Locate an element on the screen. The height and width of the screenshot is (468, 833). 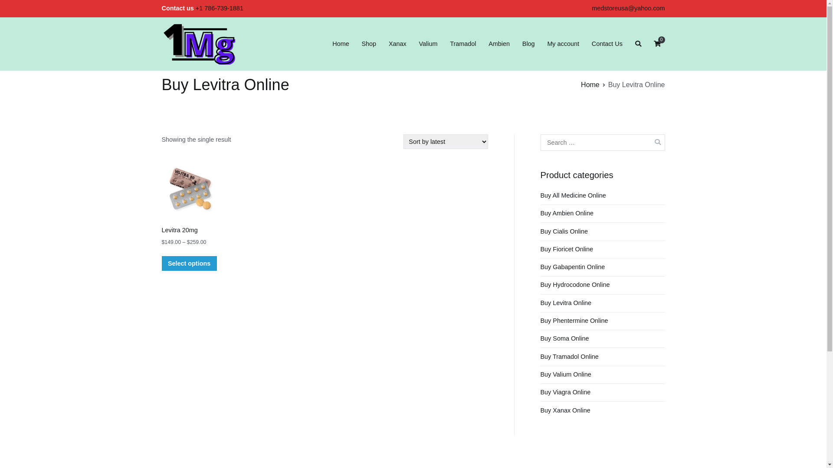
'Buy Xanax Online' is located at coordinates (565, 410).